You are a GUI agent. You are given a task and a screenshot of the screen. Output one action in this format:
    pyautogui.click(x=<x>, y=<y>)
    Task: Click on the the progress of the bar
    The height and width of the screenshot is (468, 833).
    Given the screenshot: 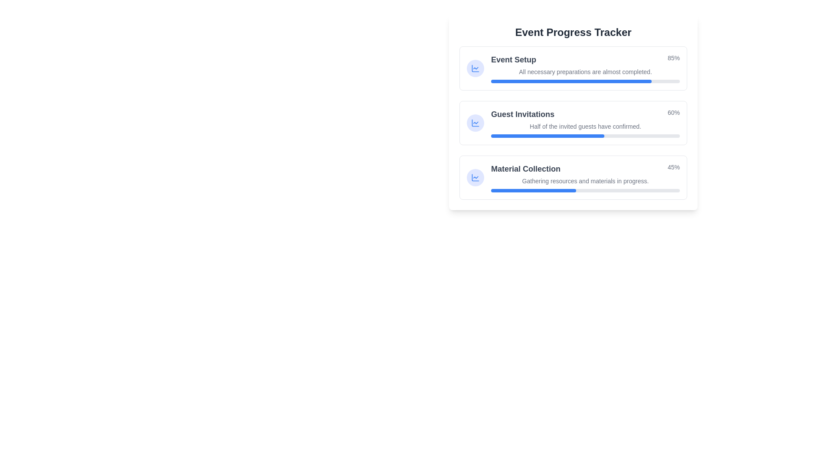 What is the action you would take?
    pyautogui.click(x=660, y=81)
    